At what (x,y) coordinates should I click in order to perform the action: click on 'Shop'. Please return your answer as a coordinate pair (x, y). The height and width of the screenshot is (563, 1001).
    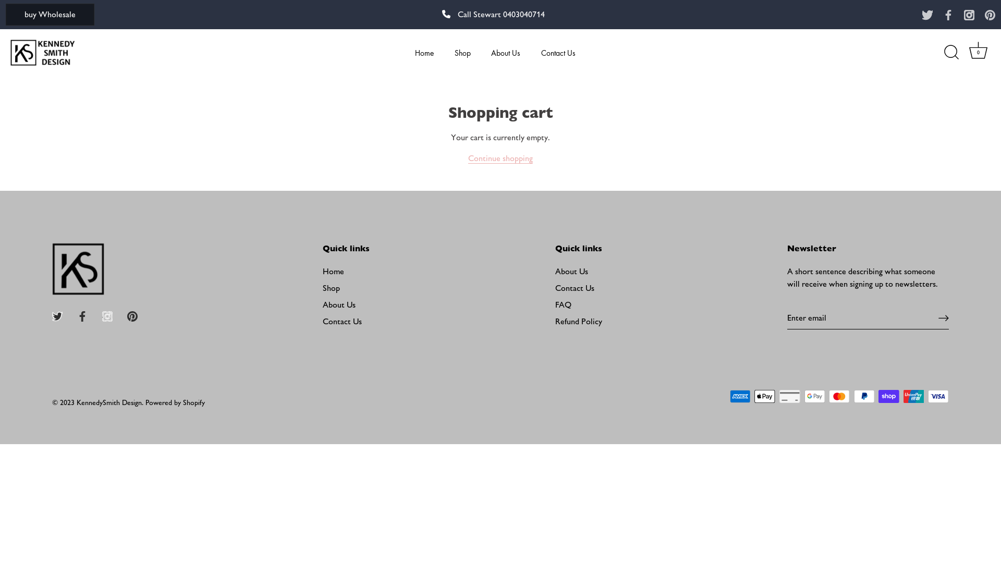
    Looking at the image, I should click on (462, 52).